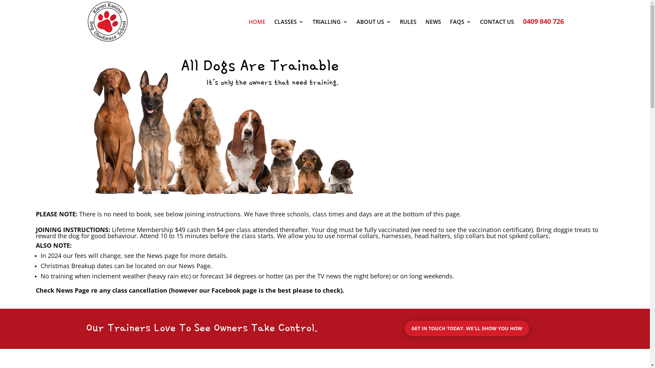 This screenshot has height=368, width=655. What do you see at coordinates (479, 31) in the screenshot?
I see `'CONTACT US'` at bounding box center [479, 31].